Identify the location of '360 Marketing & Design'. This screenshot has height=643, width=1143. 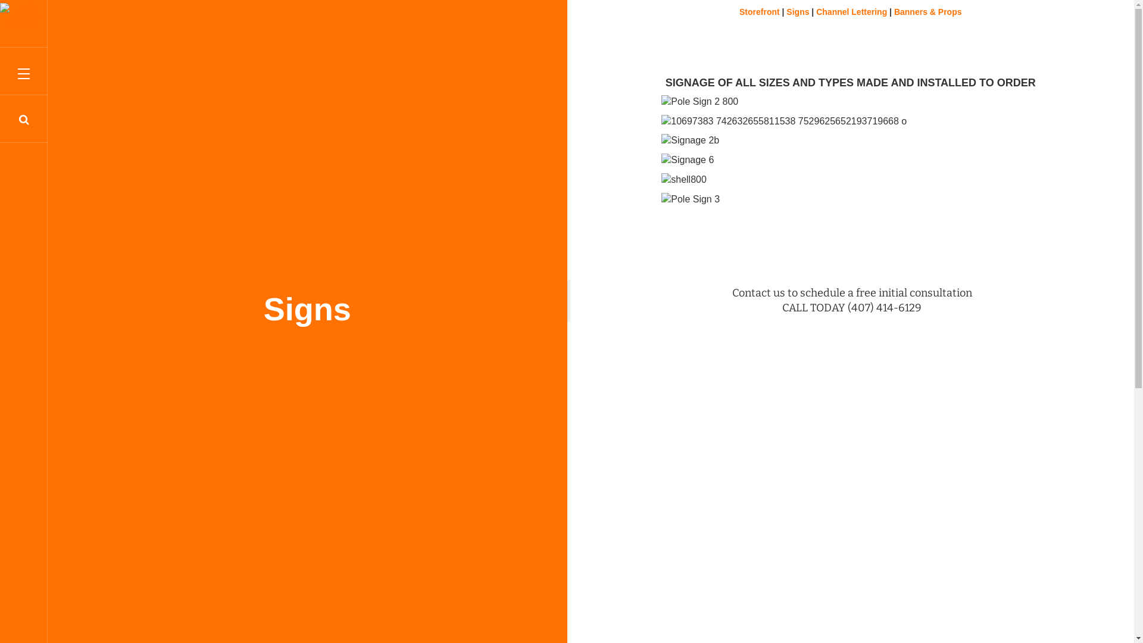
(23, 15).